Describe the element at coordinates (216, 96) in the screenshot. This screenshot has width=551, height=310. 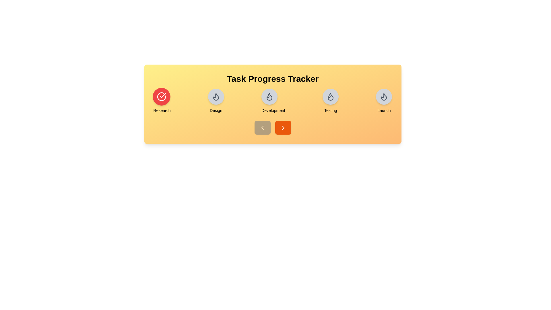
I see `the flame-shaped icon representing the 'Design' stage in the 'Task Progress Tracker'` at that location.